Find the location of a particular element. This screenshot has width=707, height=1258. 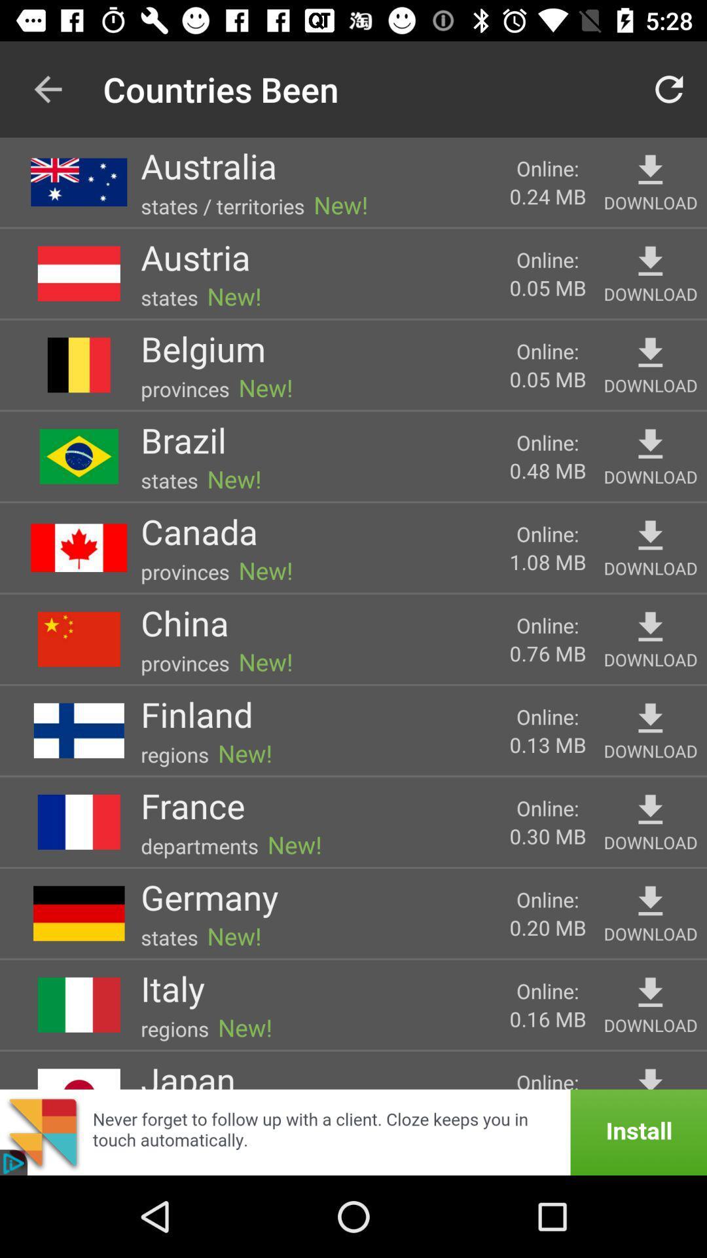

download france is located at coordinates (650, 809).